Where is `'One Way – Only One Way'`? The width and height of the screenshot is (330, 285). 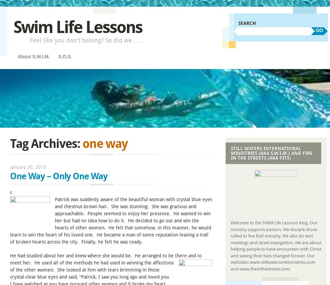 'One Way – Only One Way' is located at coordinates (59, 176).